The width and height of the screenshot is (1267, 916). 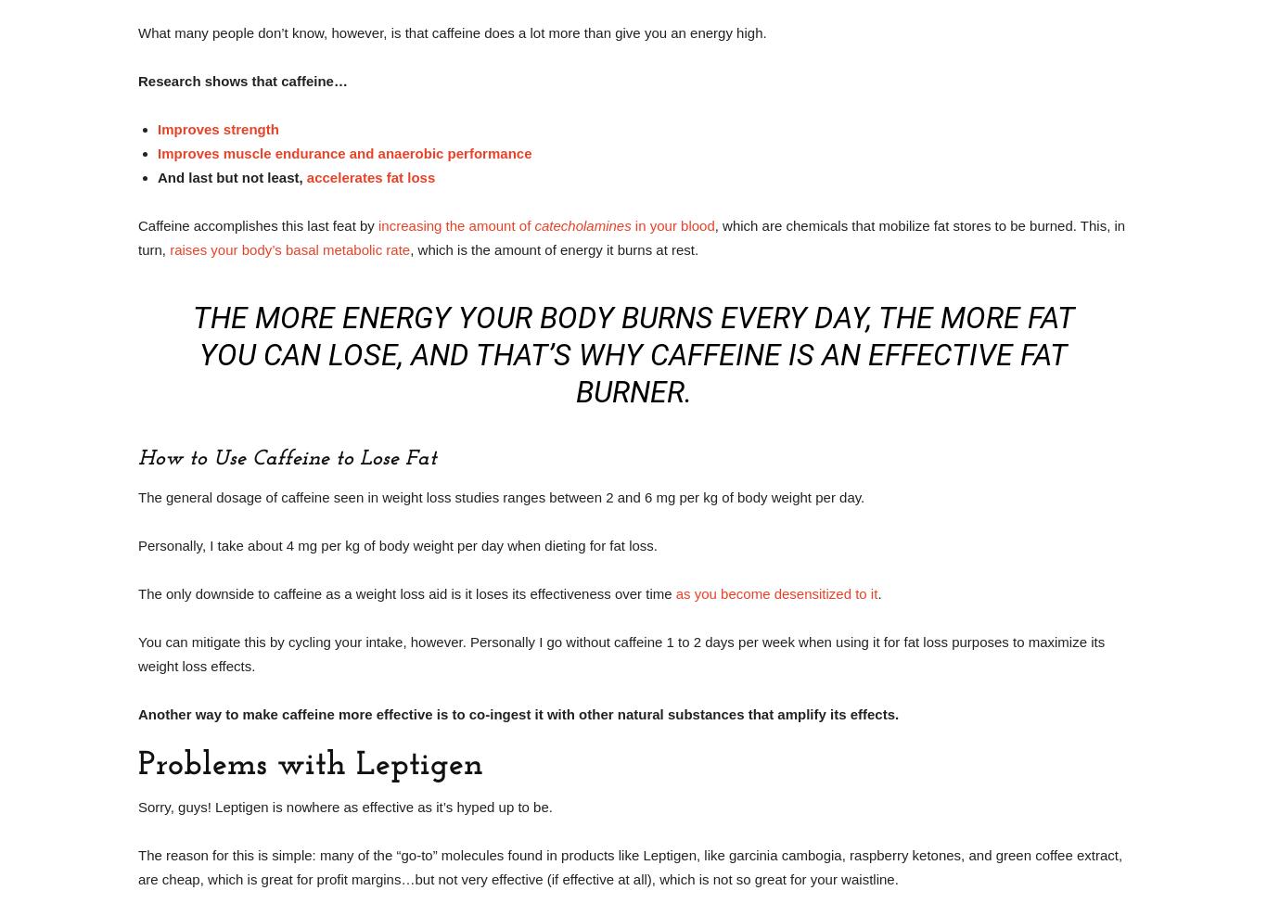 What do you see at coordinates (518, 713) in the screenshot?
I see `'Another way to make caffeine more effective is to co-ingest it with other natural substances that amplify its effects.'` at bounding box center [518, 713].